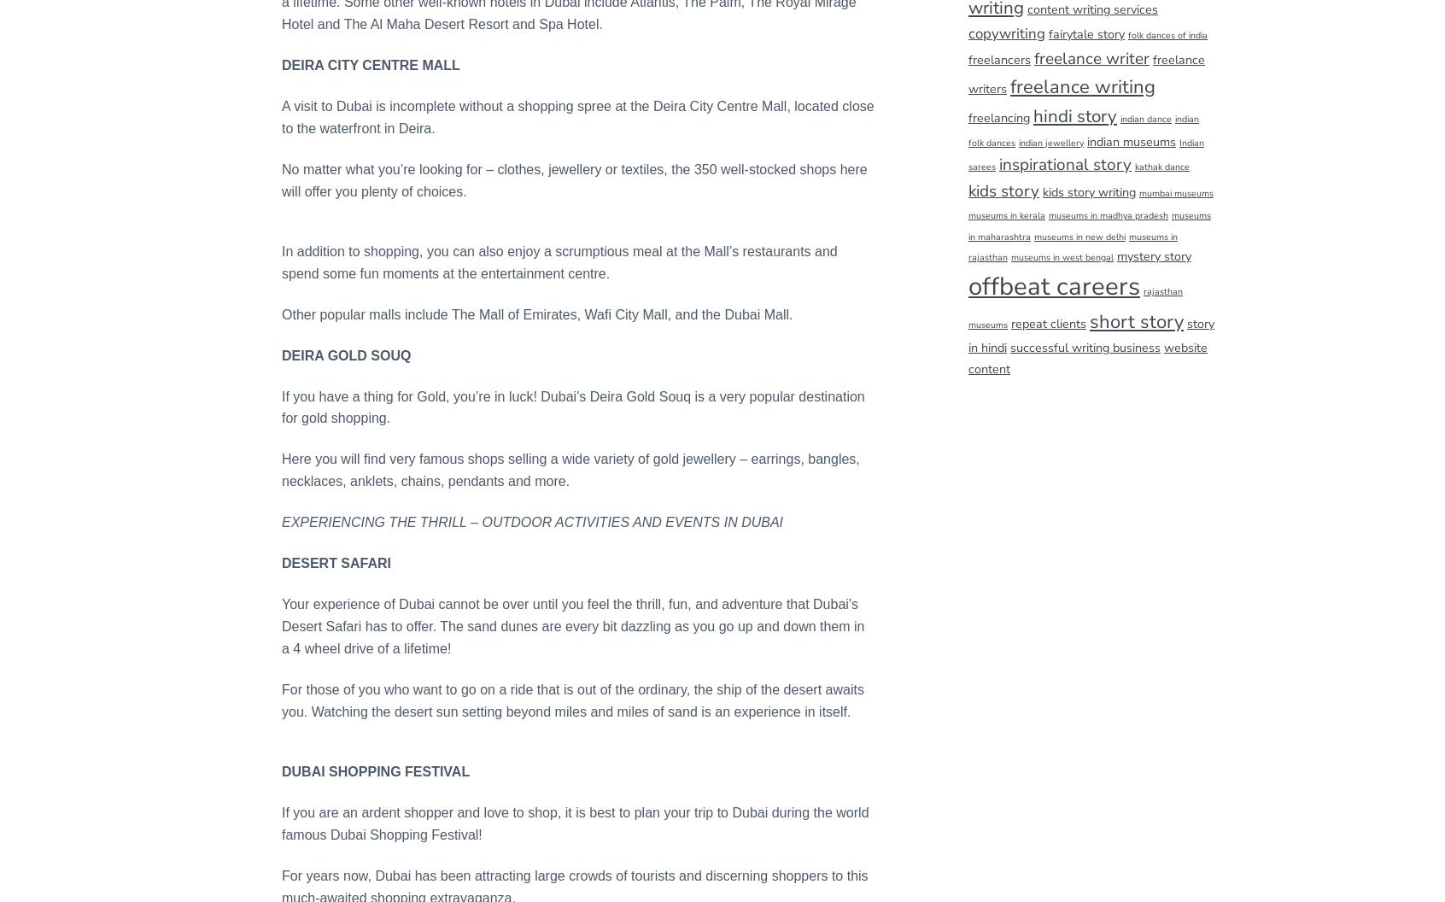 This screenshot has height=902, width=1445. Describe the element at coordinates (1075, 116) in the screenshot. I see `'hindi story'` at that location.